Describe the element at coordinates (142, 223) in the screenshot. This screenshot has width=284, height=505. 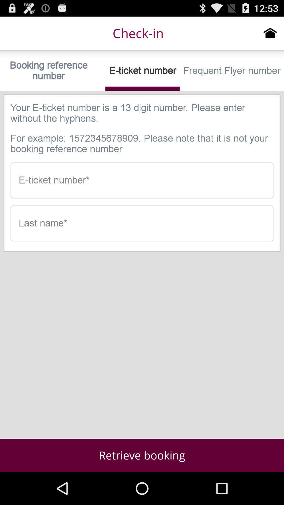
I see `your last name` at that location.